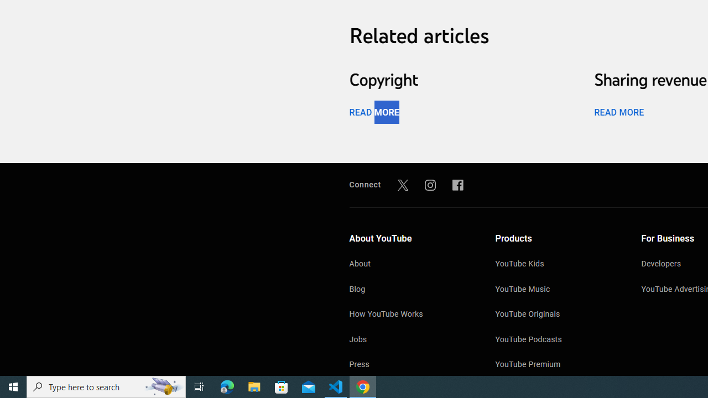 The height and width of the screenshot is (398, 708). I want to click on 'YouTube Originals', so click(557, 315).